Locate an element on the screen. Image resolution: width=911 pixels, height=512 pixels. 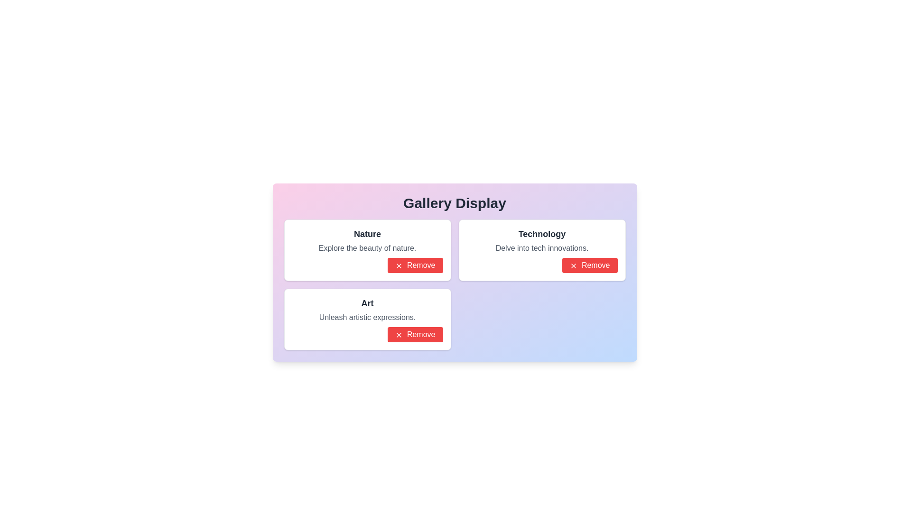
'Remove' button for the Technology gallery item is located at coordinates (589, 265).